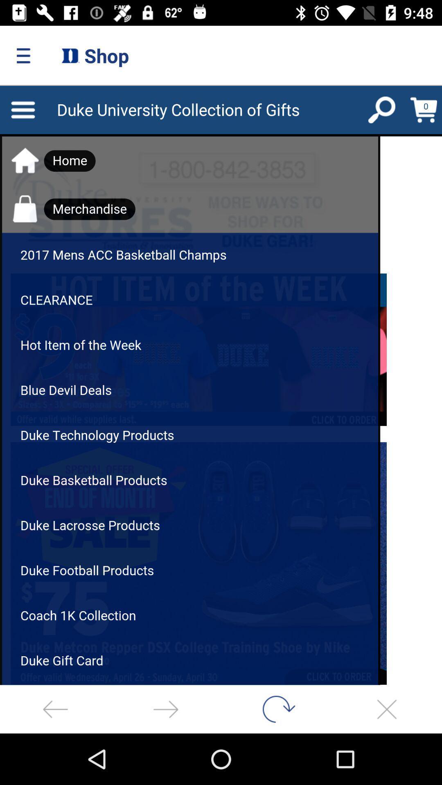 Image resolution: width=442 pixels, height=785 pixels. I want to click on previous go back, so click(55, 709).